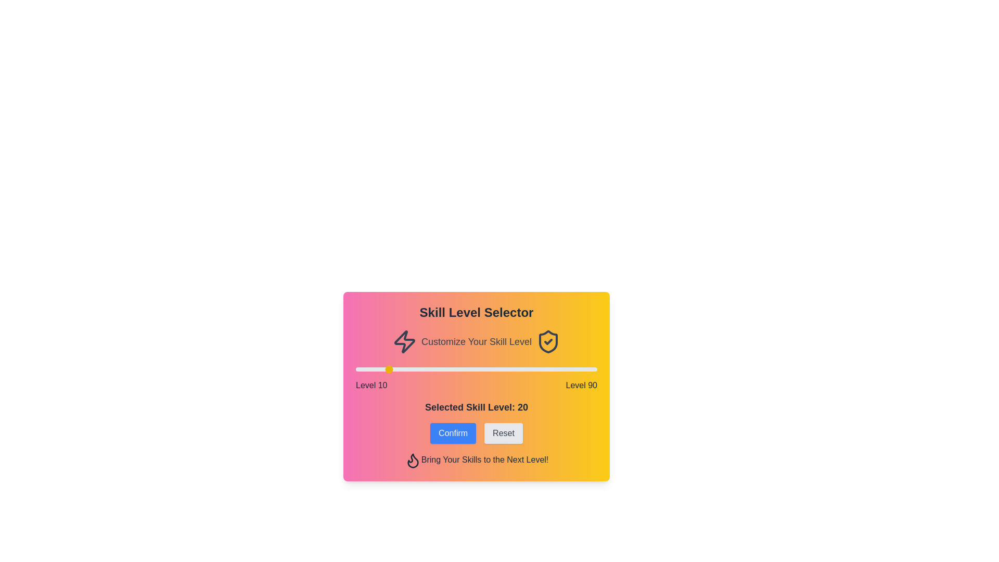 This screenshot has height=562, width=999. I want to click on the skill level slider to 16, so click(374, 368).